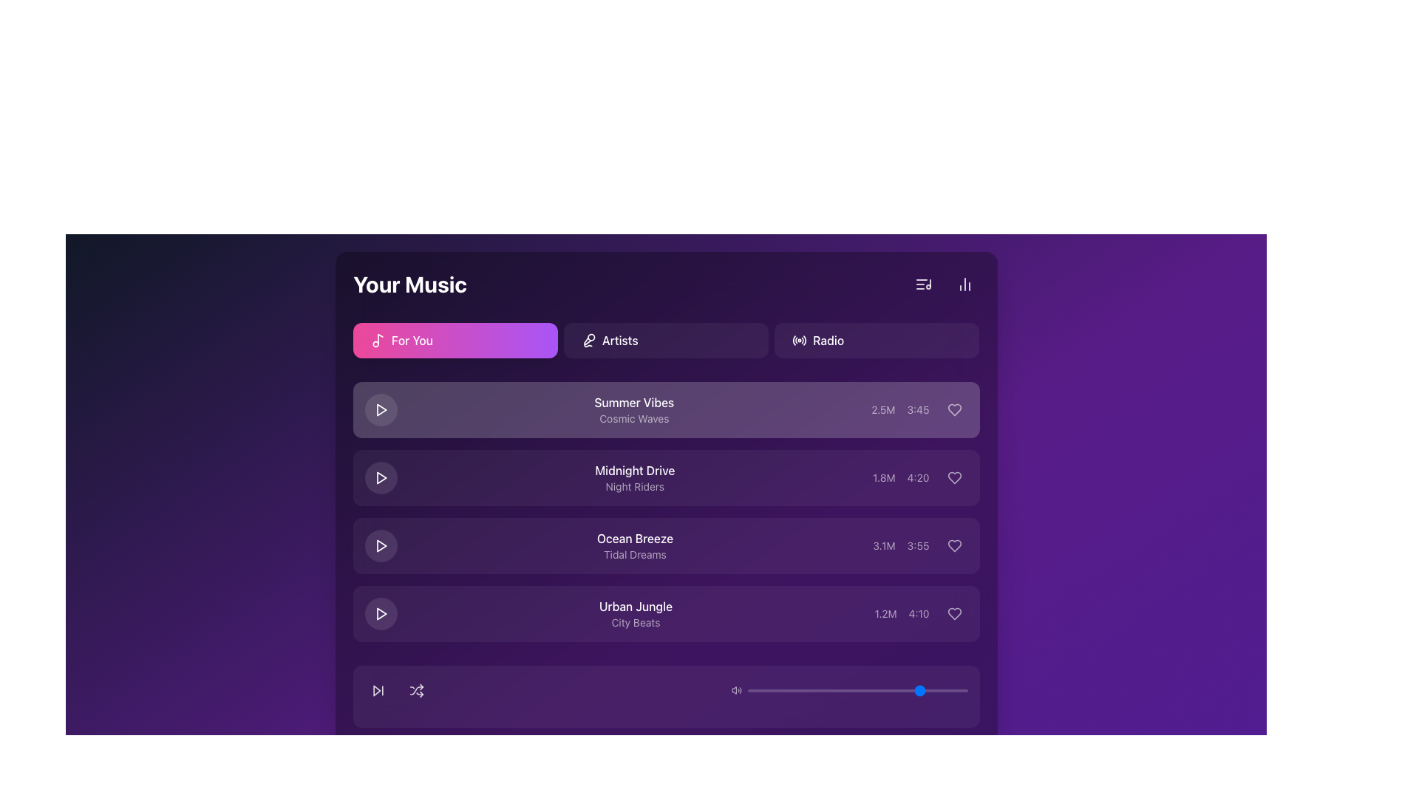 This screenshot has height=798, width=1419. Describe the element at coordinates (635, 546) in the screenshot. I see `the 'Ocean Breeze' text display element, which features a bold white title and a lighter grey subtitle` at that location.